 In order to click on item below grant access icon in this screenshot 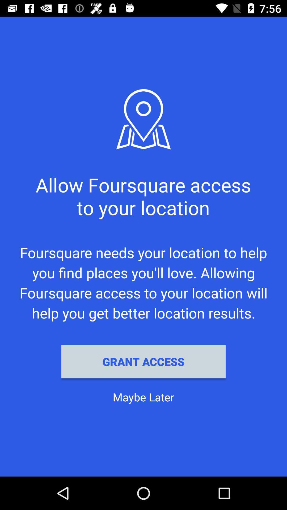, I will do `click(143, 397)`.